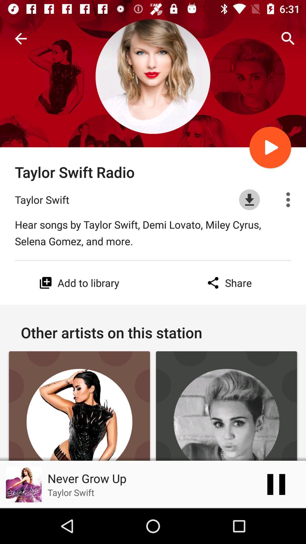 The image size is (306, 544). What do you see at coordinates (288, 200) in the screenshot?
I see `the three dots in the right middle of the page` at bounding box center [288, 200].